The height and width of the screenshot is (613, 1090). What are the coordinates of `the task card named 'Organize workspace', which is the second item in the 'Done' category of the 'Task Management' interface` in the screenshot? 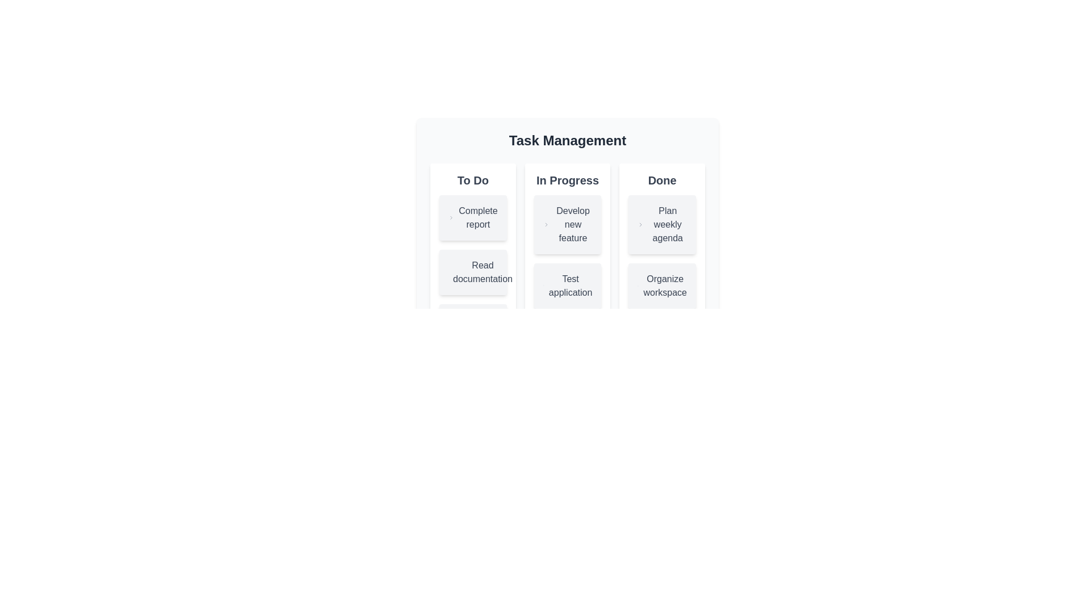 It's located at (662, 285).